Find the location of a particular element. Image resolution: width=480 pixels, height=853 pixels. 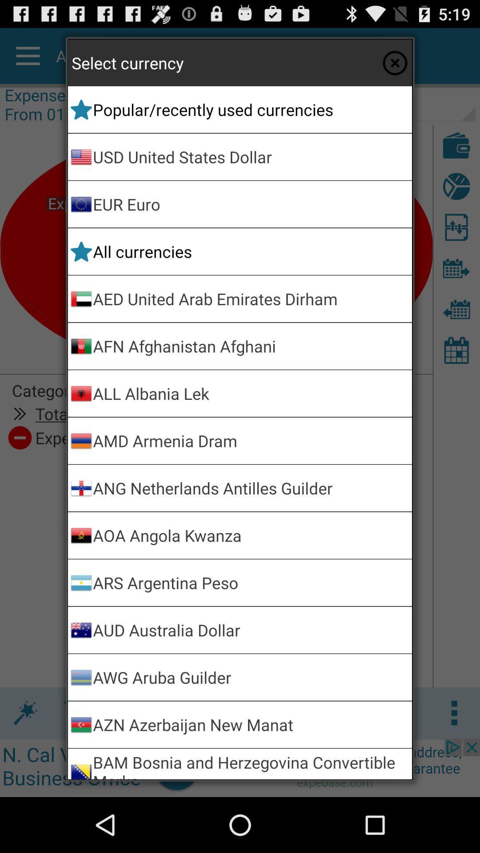

app below aed united arab app is located at coordinates (251, 346).